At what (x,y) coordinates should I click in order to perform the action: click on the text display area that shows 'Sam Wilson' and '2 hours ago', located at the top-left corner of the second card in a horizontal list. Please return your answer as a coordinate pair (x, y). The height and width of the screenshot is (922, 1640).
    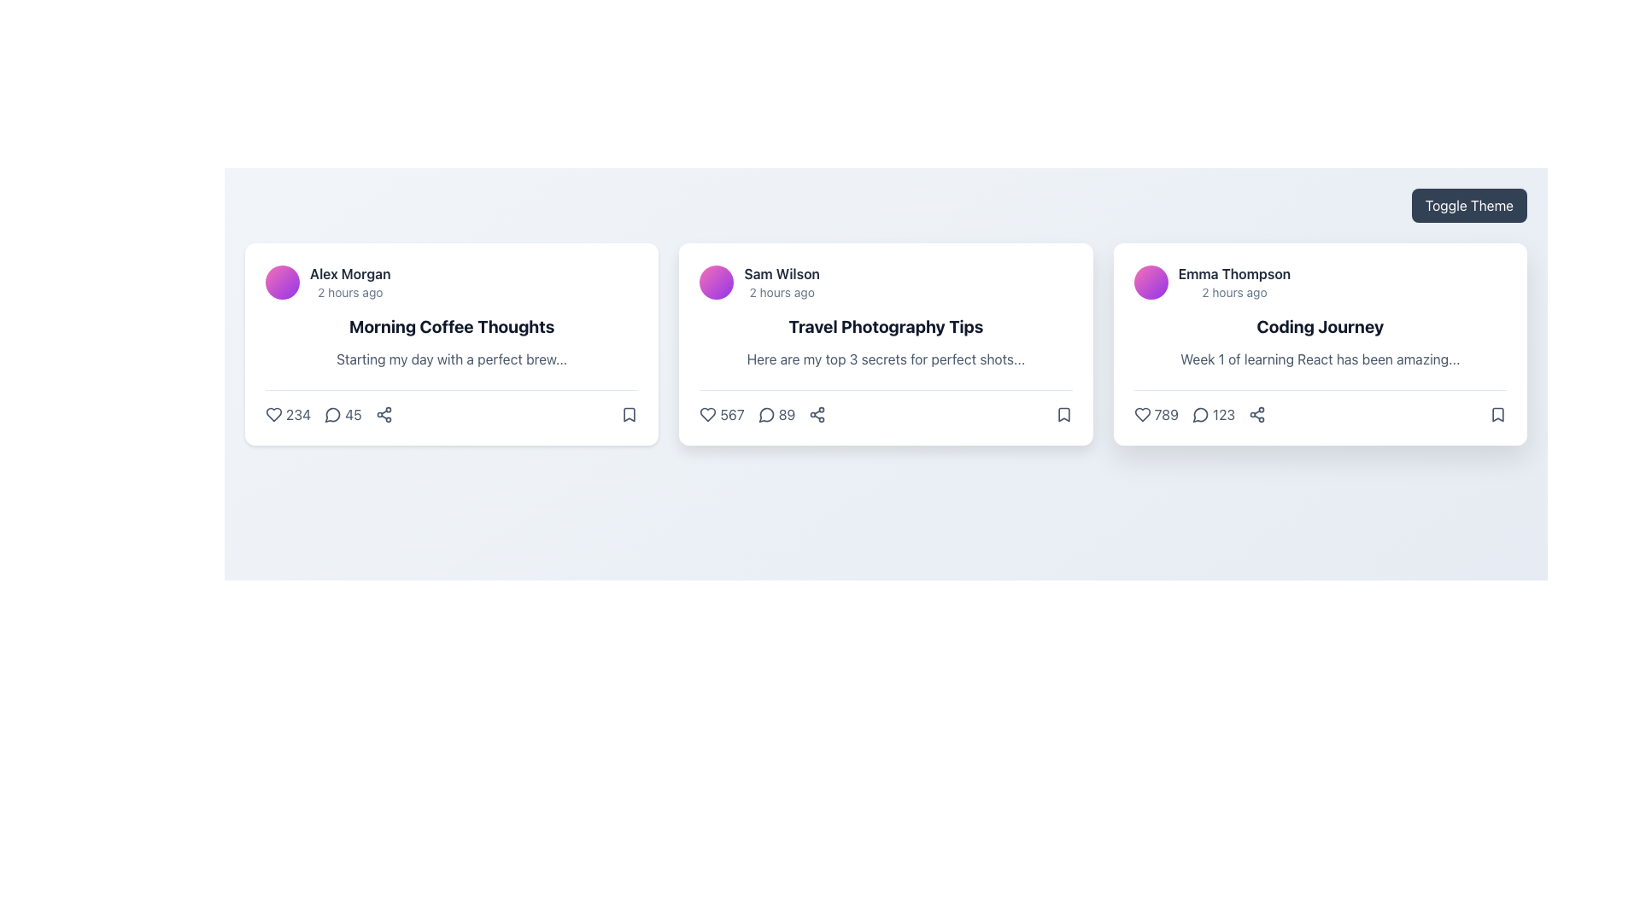
    Looking at the image, I should click on (781, 282).